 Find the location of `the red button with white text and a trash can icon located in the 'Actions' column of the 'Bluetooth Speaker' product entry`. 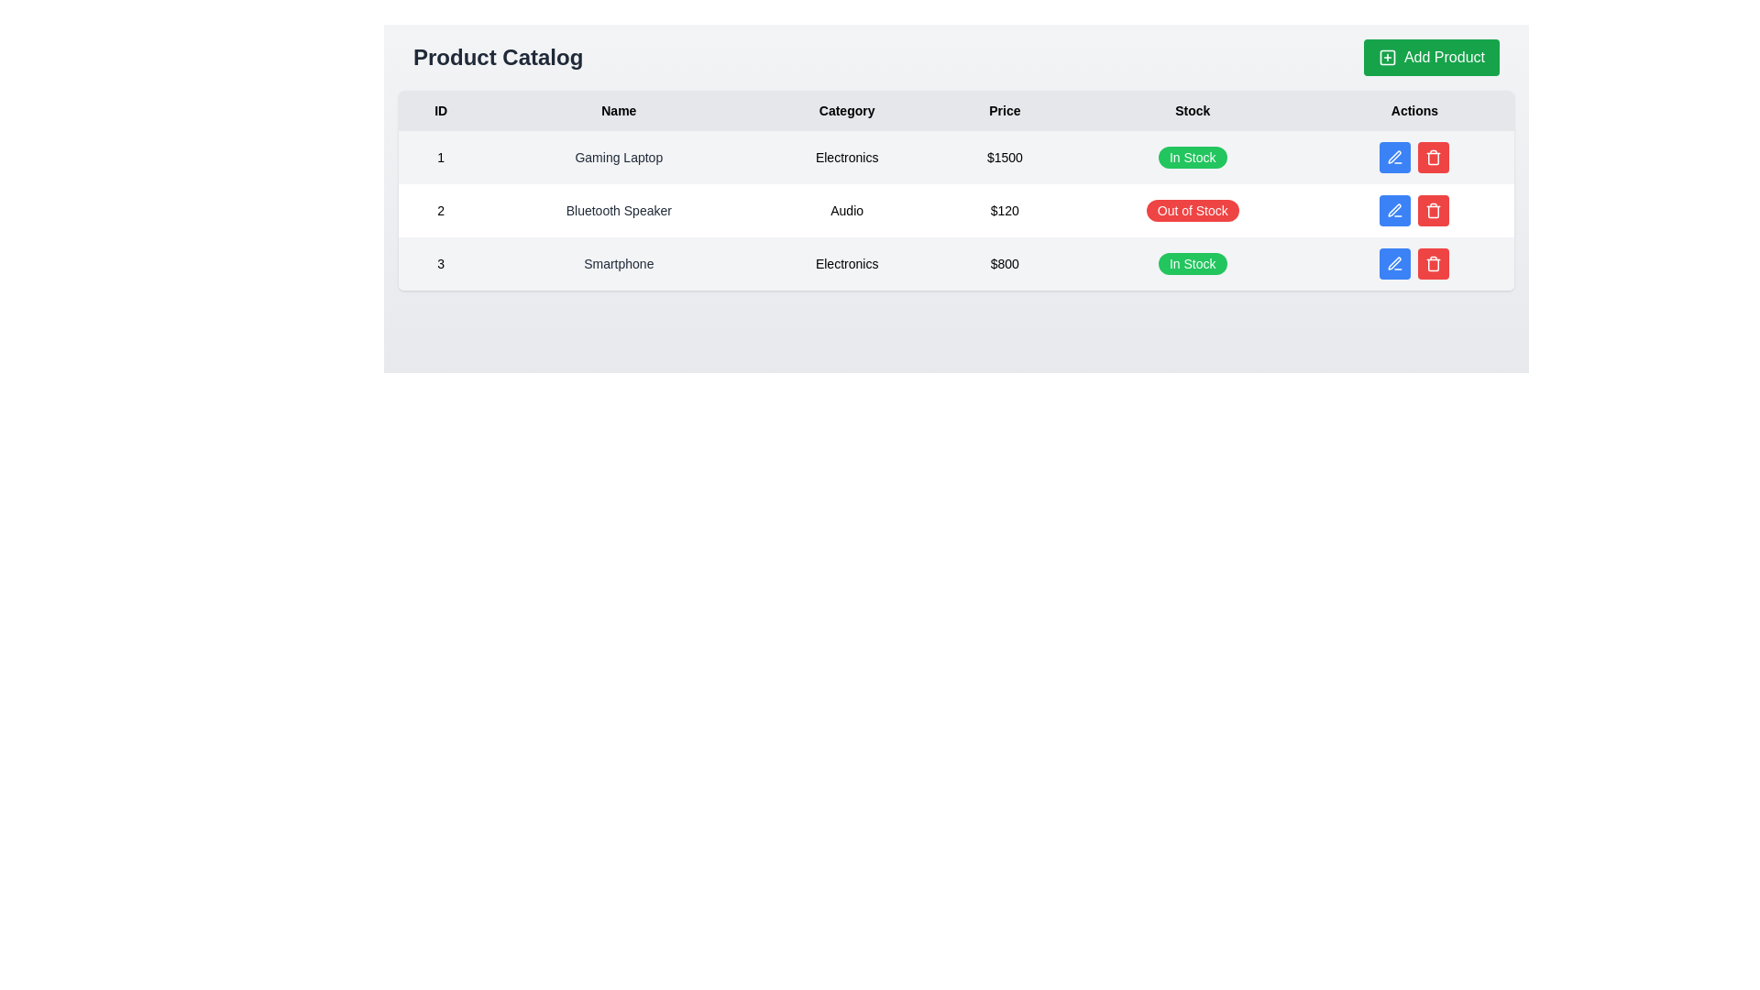

the red button with white text and a trash can icon located in the 'Actions' column of the 'Bluetooth Speaker' product entry is located at coordinates (1433, 157).